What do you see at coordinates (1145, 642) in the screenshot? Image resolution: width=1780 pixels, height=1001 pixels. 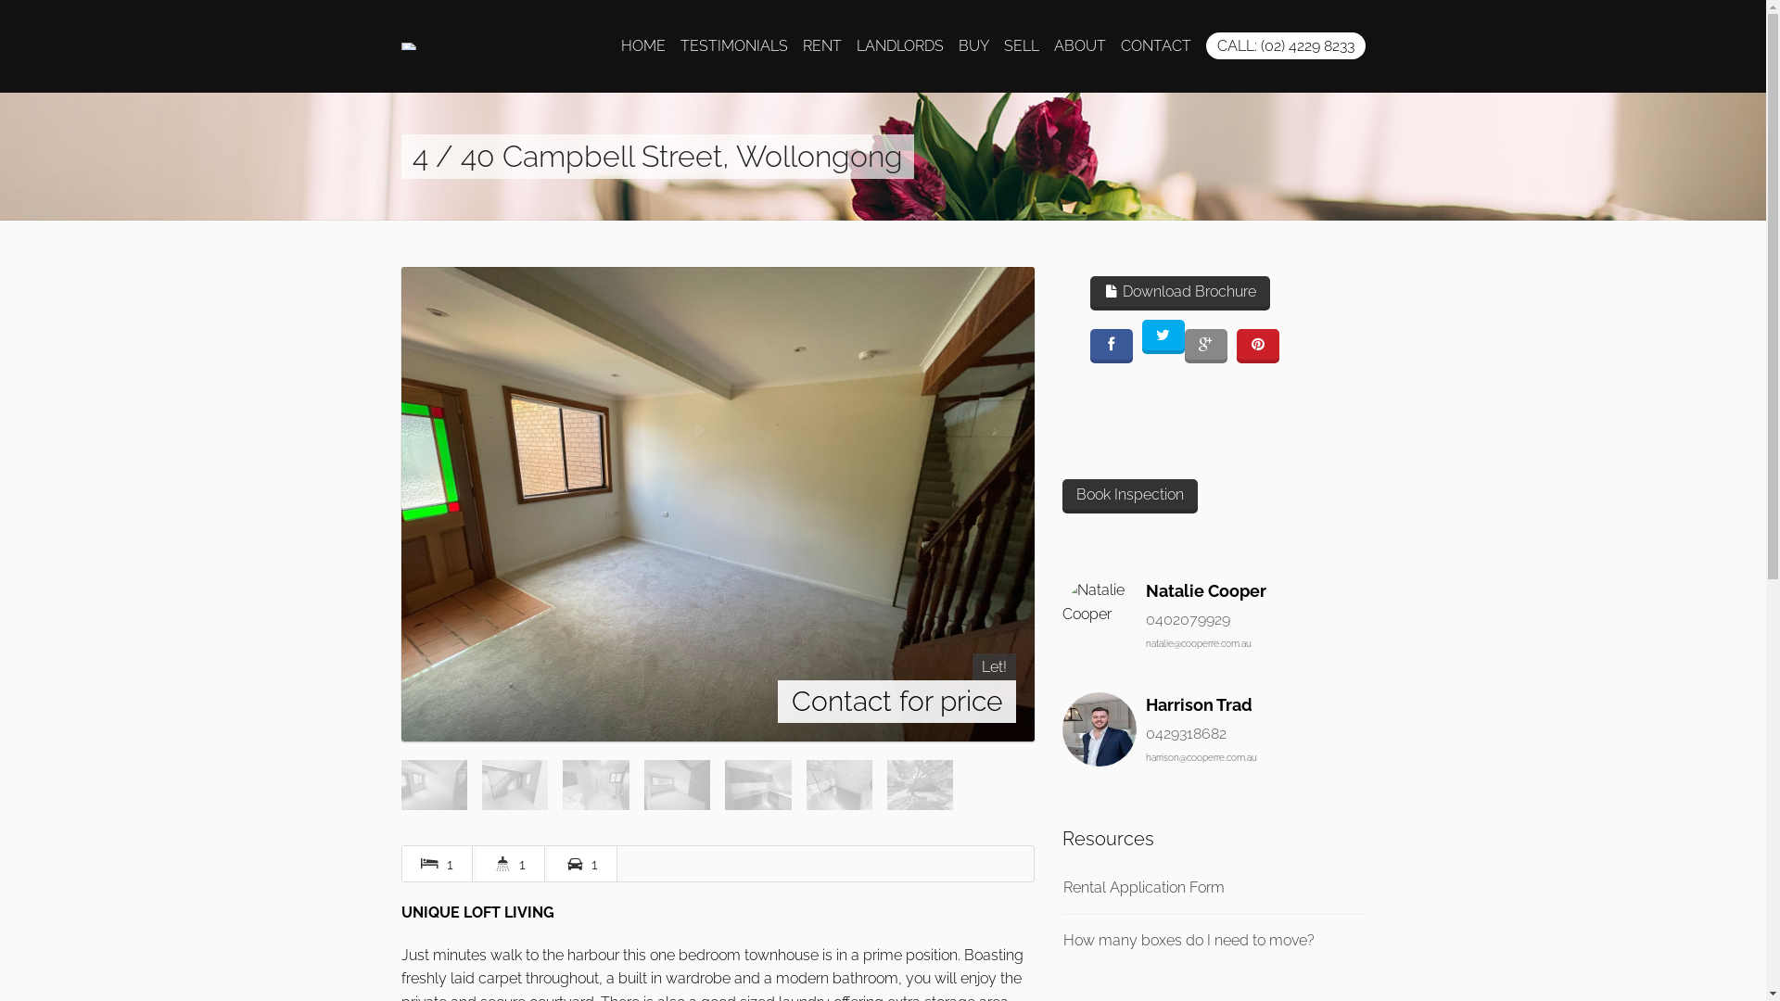 I see `'natalie@cooperre.com.au'` at bounding box center [1145, 642].